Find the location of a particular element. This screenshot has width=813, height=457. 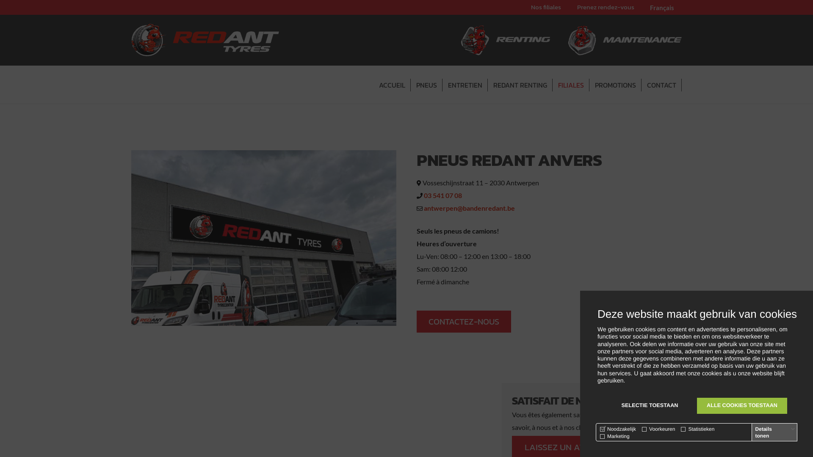

'03 541 07 08' is located at coordinates (424, 195).